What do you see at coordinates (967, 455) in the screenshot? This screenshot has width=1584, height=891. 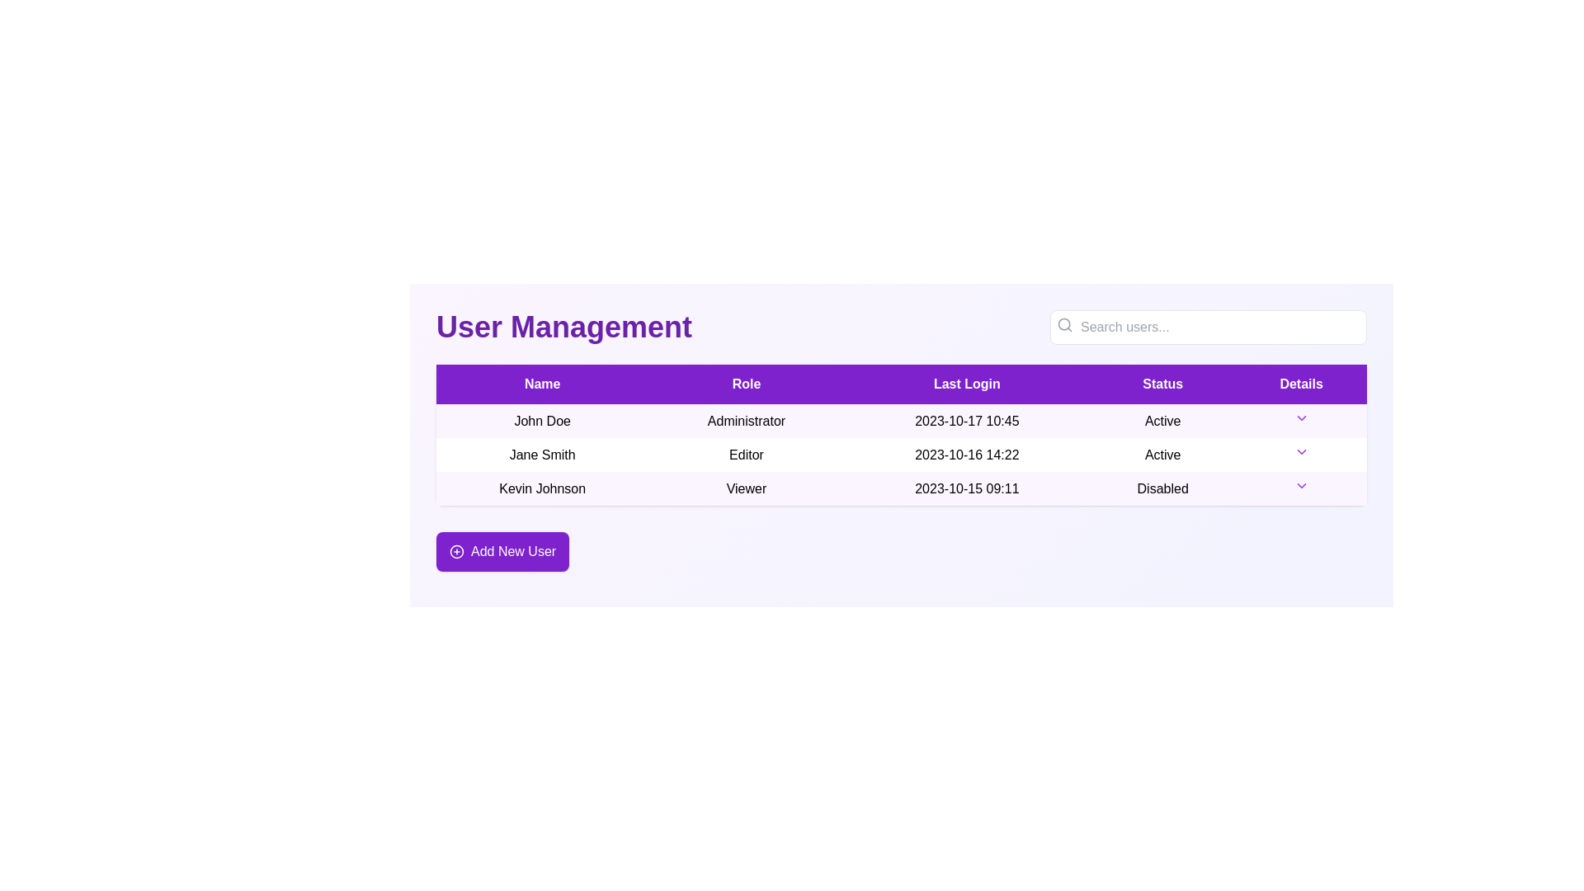 I see `the 'Last Login' timestamp label displaying '2023-10-16 14:22' for the user 'Jane Smith' in the second row of the table` at bounding box center [967, 455].